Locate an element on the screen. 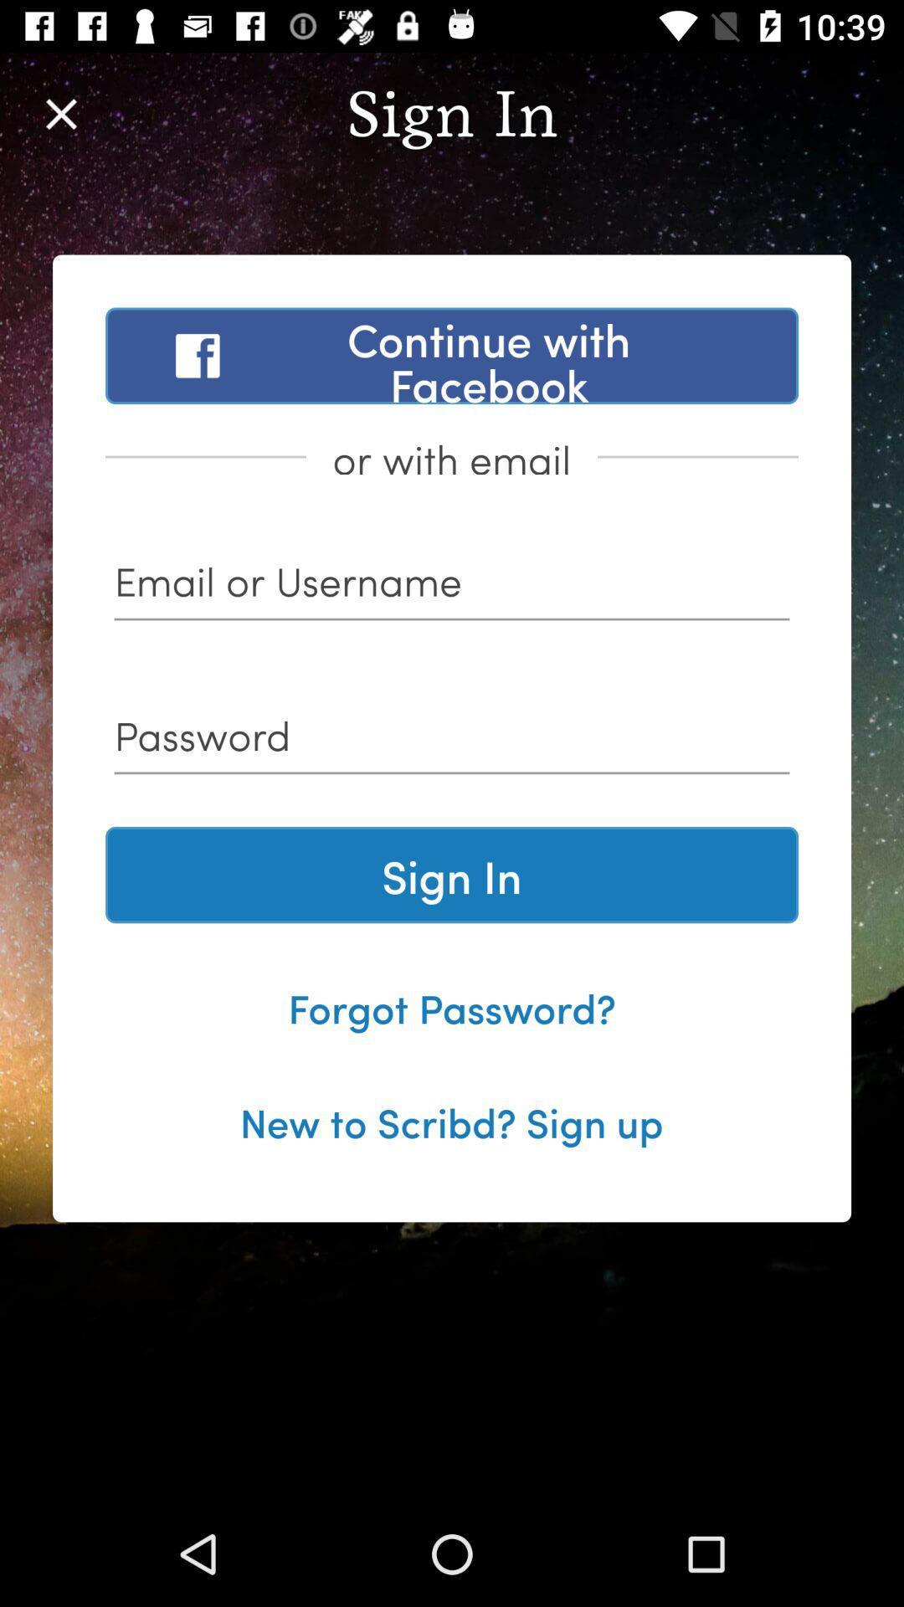  the icon below sign in icon is located at coordinates (452, 1006).